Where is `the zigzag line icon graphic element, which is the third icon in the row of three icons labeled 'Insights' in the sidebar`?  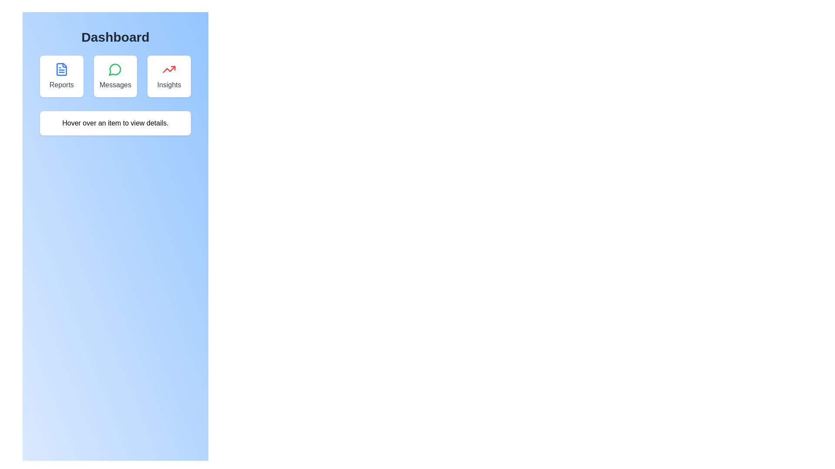 the zigzag line icon graphic element, which is the third icon in the row of three icons labeled 'Insights' in the sidebar is located at coordinates (169, 69).